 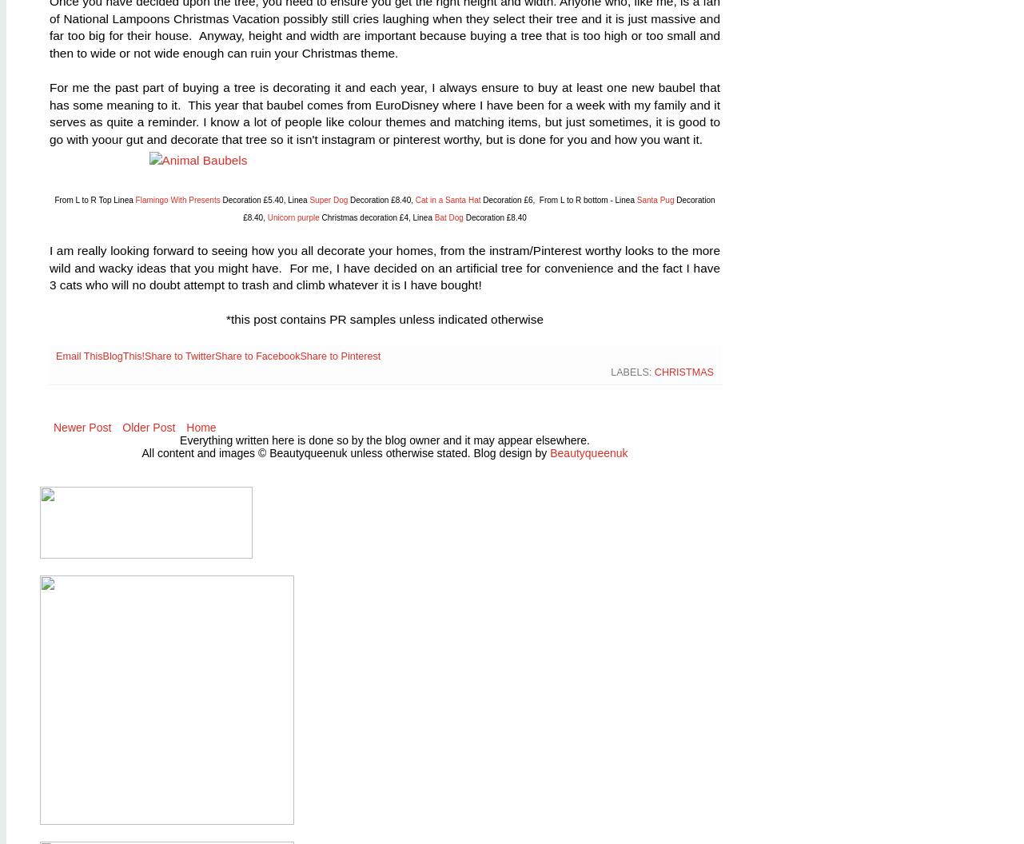 I want to click on 'From L to R Top Linea', so click(x=94, y=199).